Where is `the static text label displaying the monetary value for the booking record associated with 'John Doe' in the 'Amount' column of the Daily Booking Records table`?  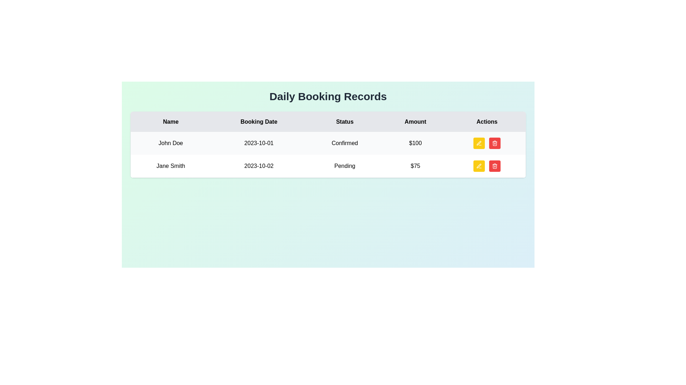 the static text label displaying the monetary value for the booking record associated with 'John Doe' in the 'Amount' column of the Daily Booking Records table is located at coordinates (415, 143).